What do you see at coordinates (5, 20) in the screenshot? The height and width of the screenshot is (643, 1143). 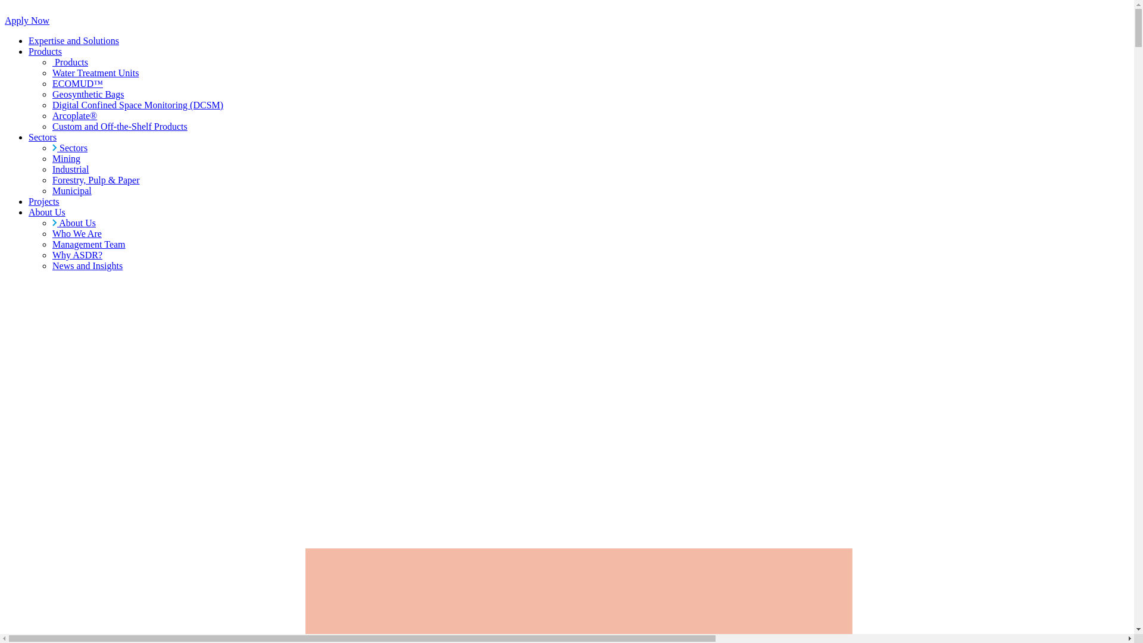 I see `'Apply Now'` at bounding box center [5, 20].